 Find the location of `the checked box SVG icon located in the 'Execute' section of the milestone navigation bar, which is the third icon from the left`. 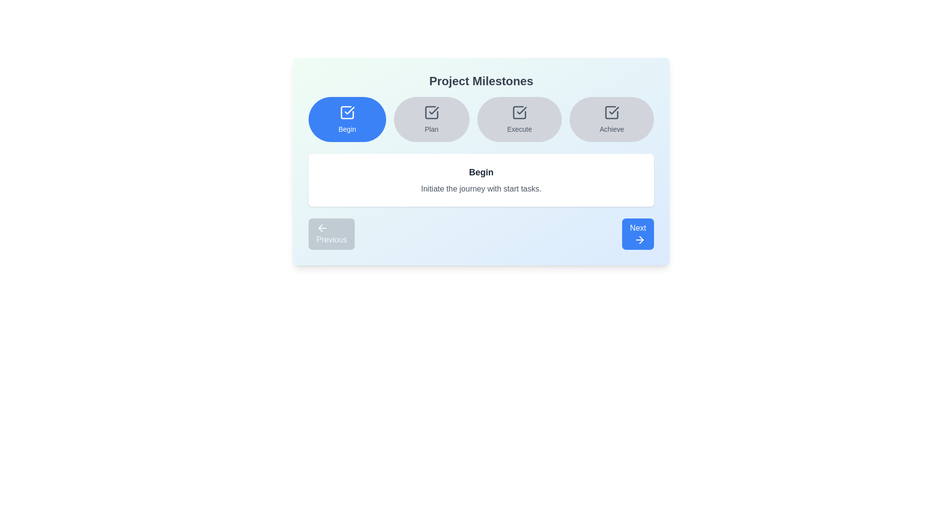

the checked box SVG icon located in the 'Execute' section of the milestone navigation bar, which is the third icon from the left is located at coordinates (519, 112).